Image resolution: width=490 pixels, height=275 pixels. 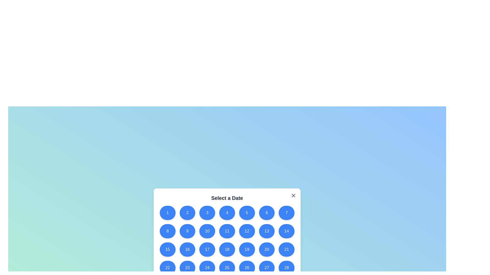 I want to click on the close button to close the dialog, so click(x=293, y=195).